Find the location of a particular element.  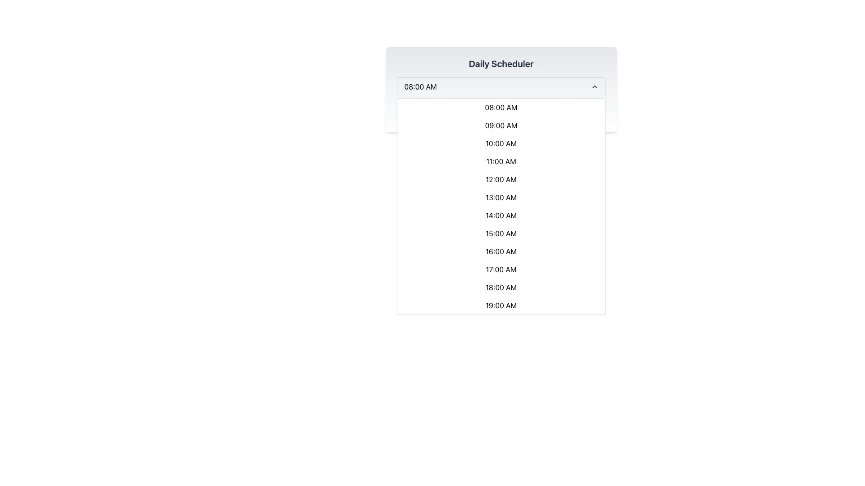

the selectable time option text label located in the fifth position of the scheduling dropdown menu is located at coordinates (501, 179).